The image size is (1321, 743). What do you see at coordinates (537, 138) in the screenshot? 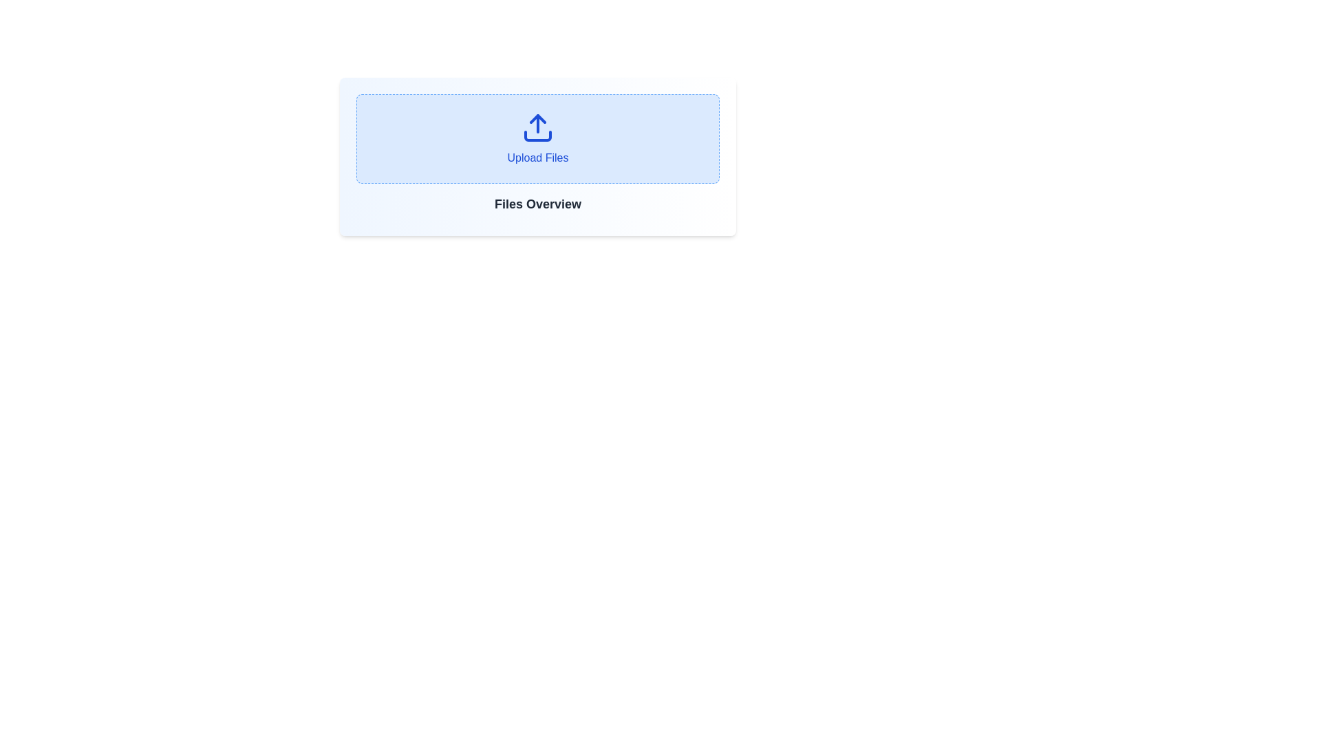
I see `the interactive text link located centrally within a bordered and rounded rectangle section with a light blue background to initiate the file upload` at bounding box center [537, 138].